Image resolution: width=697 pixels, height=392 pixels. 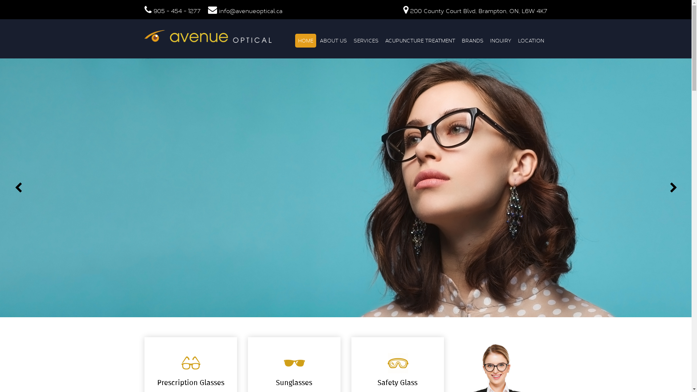 What do you see at coordinates (350, 40) in the screenshot?
I see `'SERVICES'` at bounding box center [350, 40].